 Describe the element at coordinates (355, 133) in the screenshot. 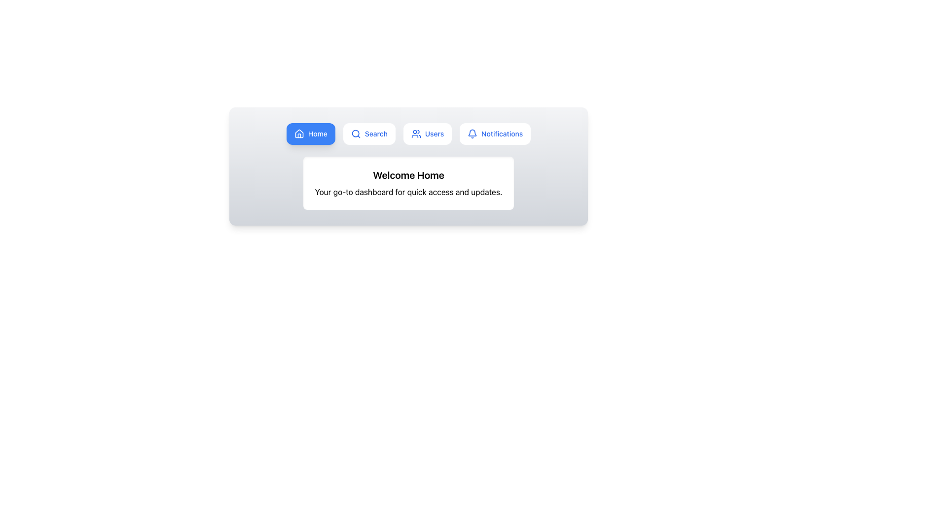

I see `the central circle of the magnifying glass icon in the 'Search' button located to the right of the 'Home' button in the navigation bar` at that location.